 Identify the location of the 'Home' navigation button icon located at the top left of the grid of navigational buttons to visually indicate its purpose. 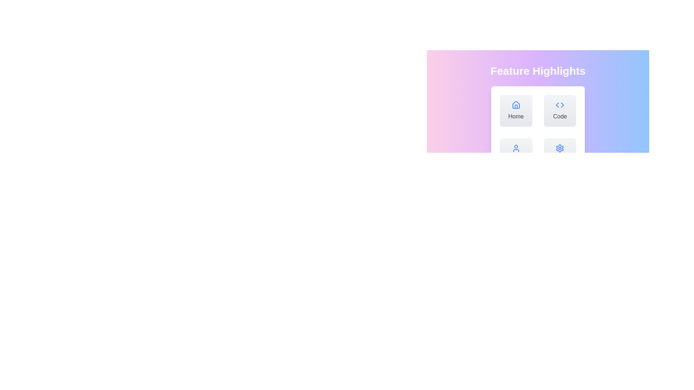
(515, 105).